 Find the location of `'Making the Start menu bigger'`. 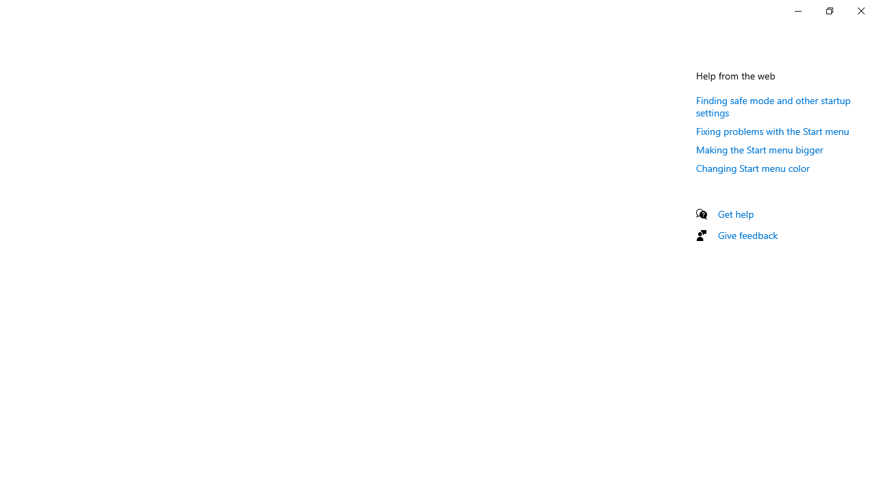

'Making the Start menu bigger' is located at coordinates (759, 149).